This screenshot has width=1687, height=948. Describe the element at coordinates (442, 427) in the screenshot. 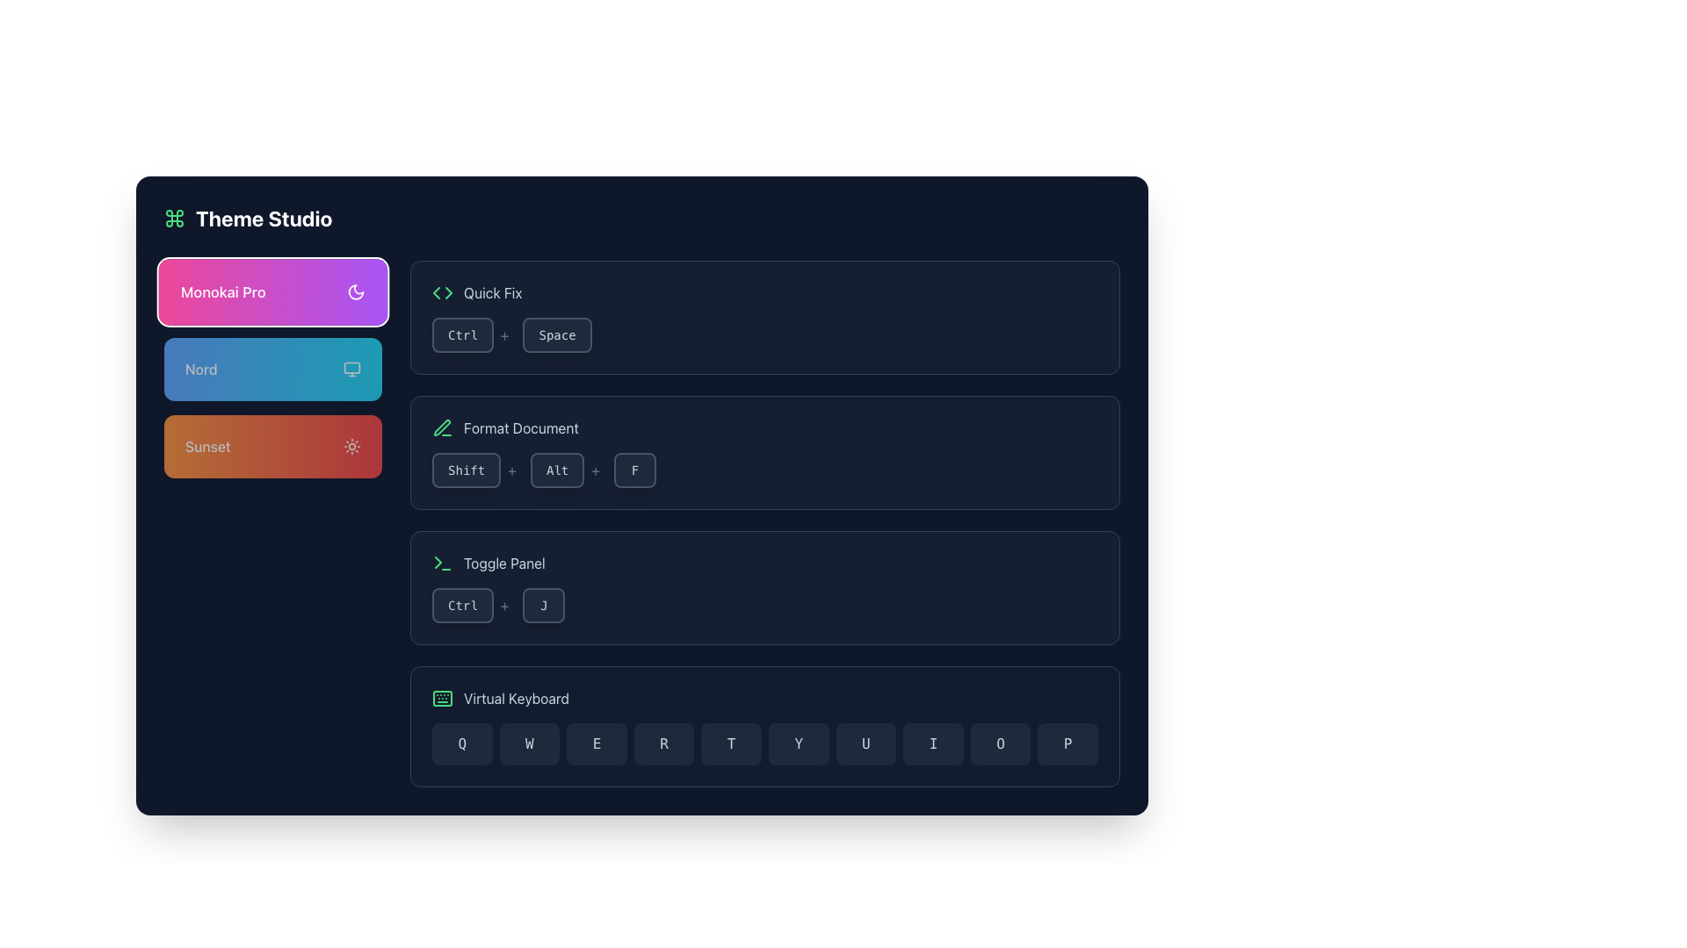

I see `the pen icon located in the top-left menu under the 'Monokai Pro' theme selection` at that location.